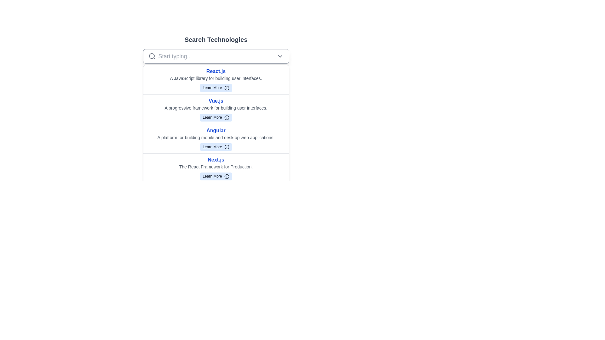  Describe the element at coordinates (227, 177) in the screenshot. I see `the informational 'i' icon with a circular background located immediately to the right of the 'Learn More' text in the fourth row` at that location.